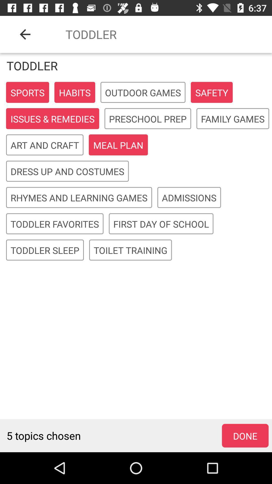 This screenshot has height=484, width=272. What do you see at coordinates (161, 224) in the screenshot?
I see `first day of` at bounding box center [161, 224].